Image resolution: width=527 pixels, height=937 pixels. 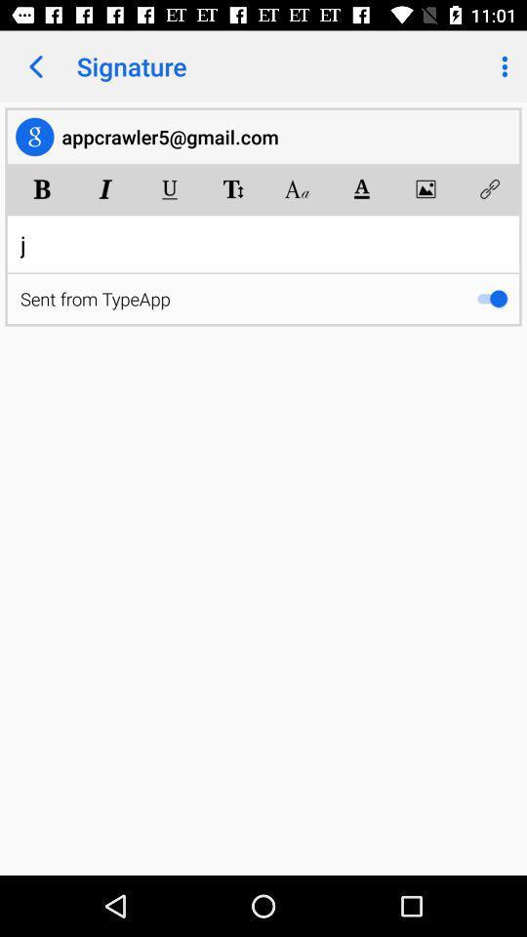 What do you see at coordinates (263, 243) in the screenshot?
I see `the j item` at bounding box center [263, 243].